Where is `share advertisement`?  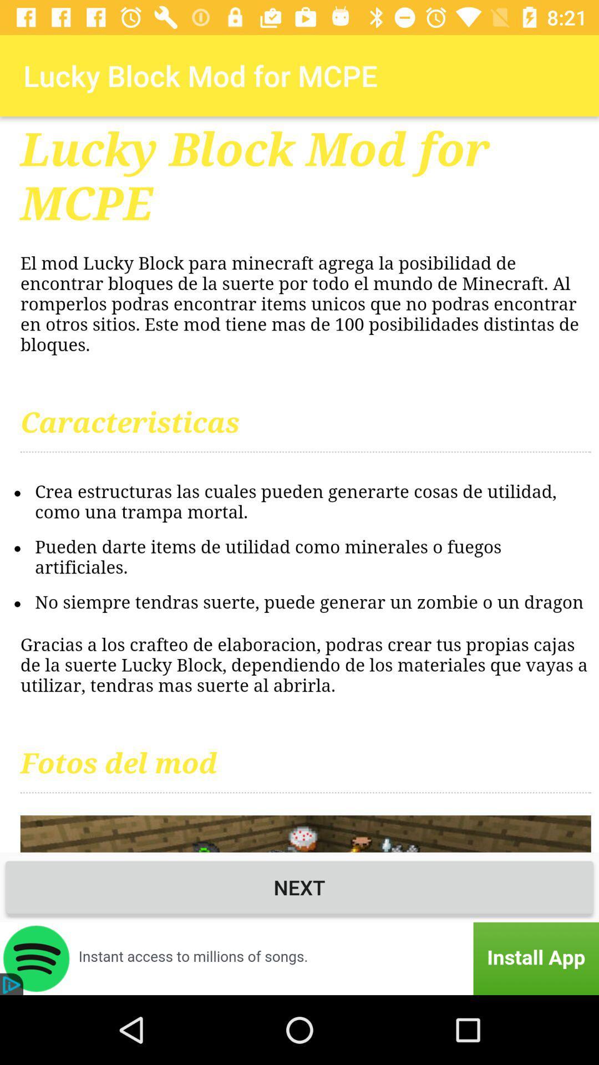
share advertisement is located at coordinates (299, 958).